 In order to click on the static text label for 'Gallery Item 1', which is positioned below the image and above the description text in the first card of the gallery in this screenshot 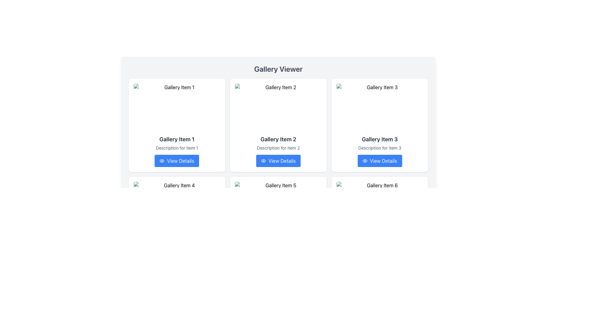, I will do `click(176, 139)`.